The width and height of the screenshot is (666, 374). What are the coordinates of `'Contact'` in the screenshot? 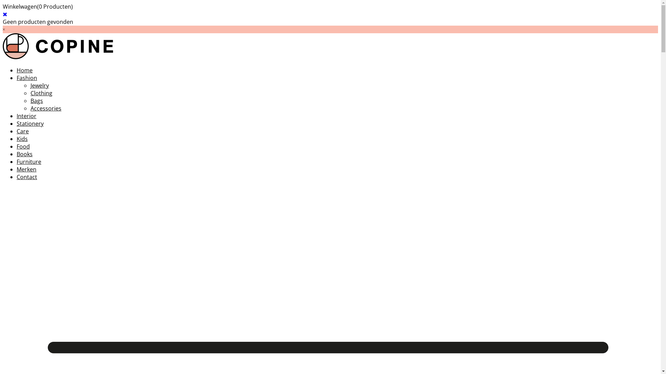 It's located at (27, 176).